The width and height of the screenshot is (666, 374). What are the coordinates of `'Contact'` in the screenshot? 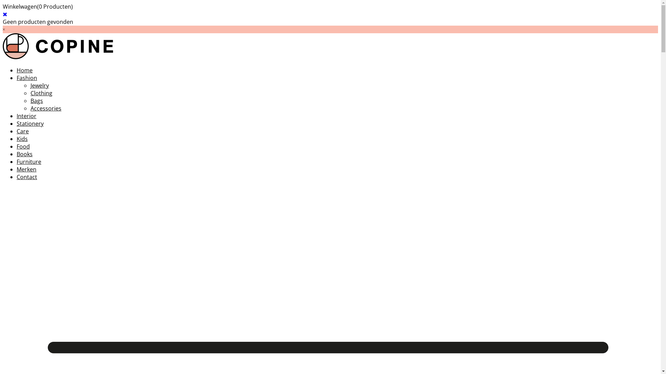 It's located at (27, 176).